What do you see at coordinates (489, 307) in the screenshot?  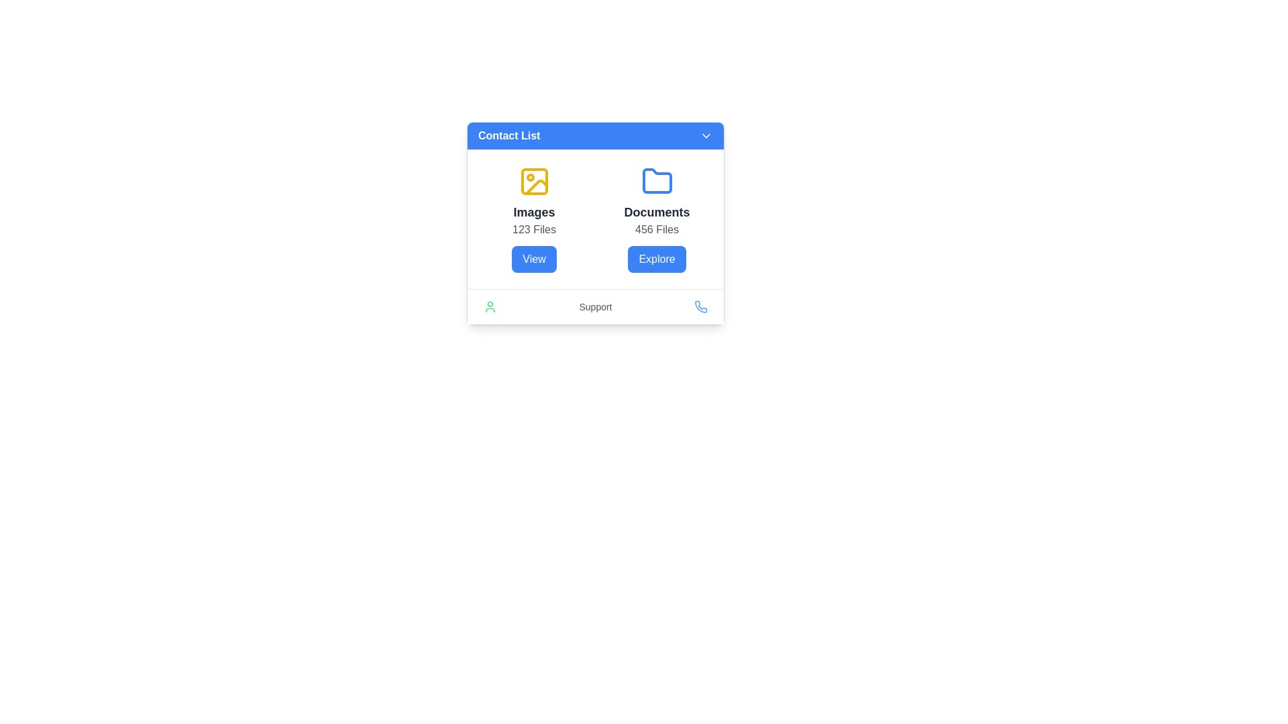 I see `the user information icon located in the 'Support' section, positioned towards the left side adjacent to text and opposite a phone-shaped icon` at bounding box center [489, 307].